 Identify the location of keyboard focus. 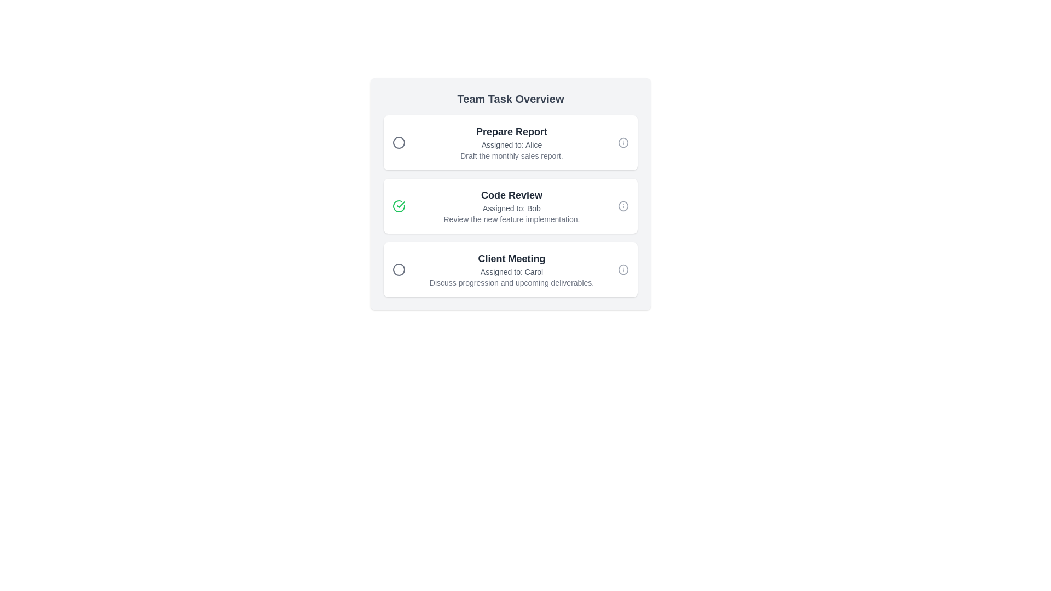
(511, 206).